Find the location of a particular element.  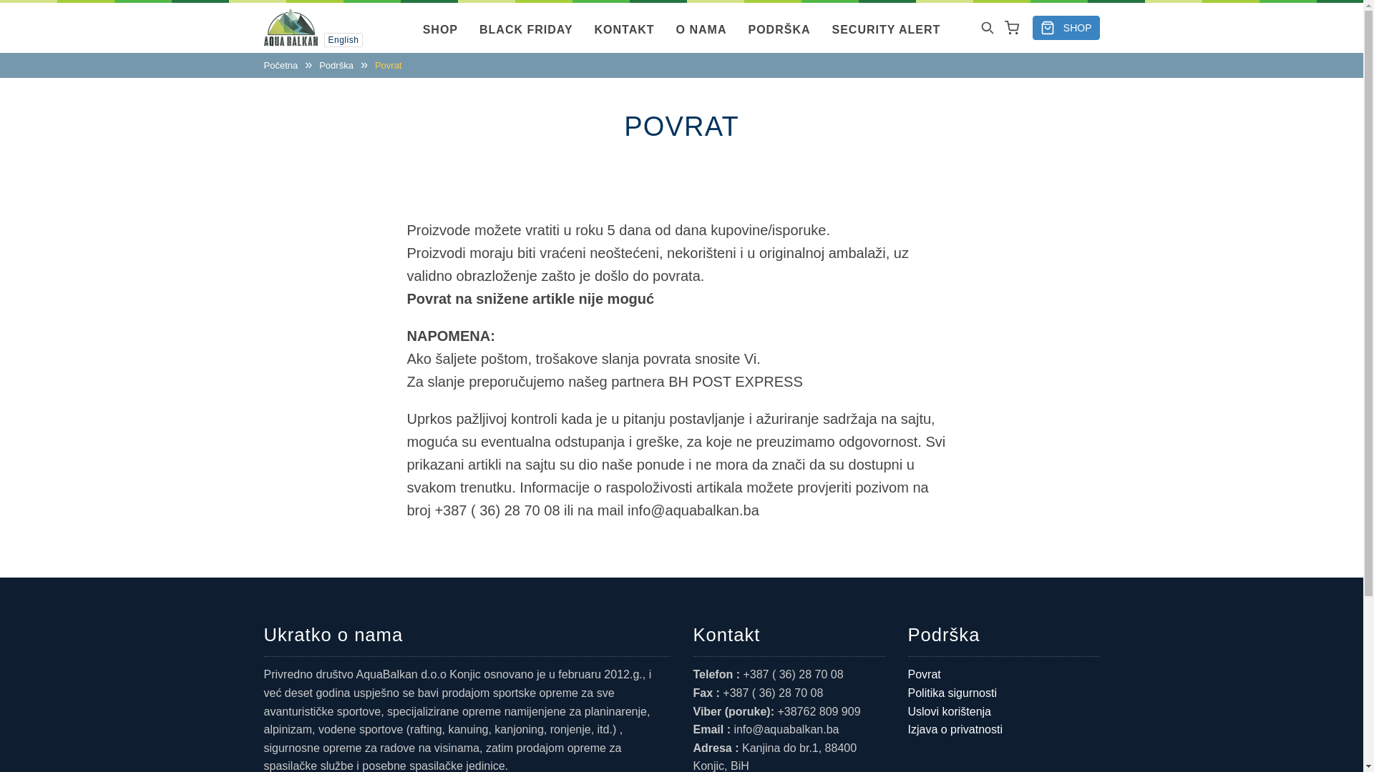

'BLACK FRIDAY' is located at coordinates (525, 30).